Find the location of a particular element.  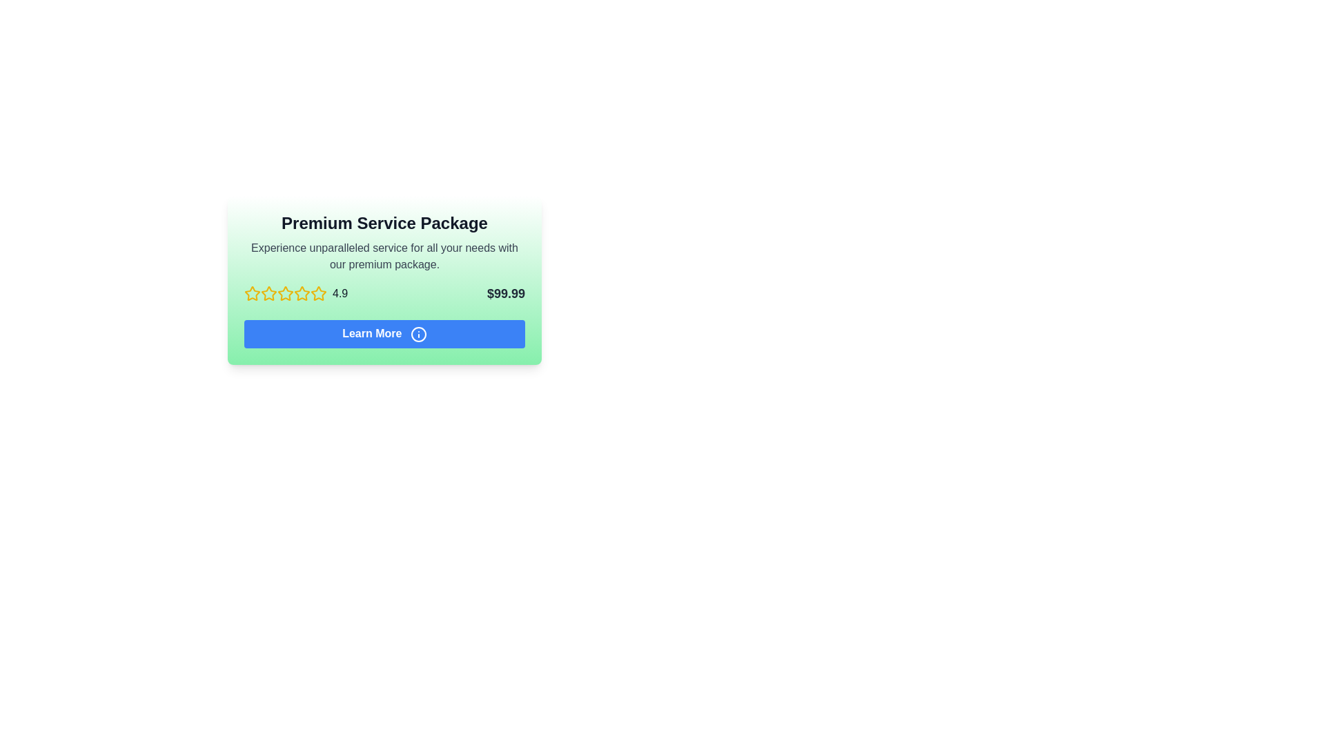

the third star icon that visually represents the rating value in a sequence of five stars, located to the left of the rating number '4.9' is located at coordinates (268, 292).